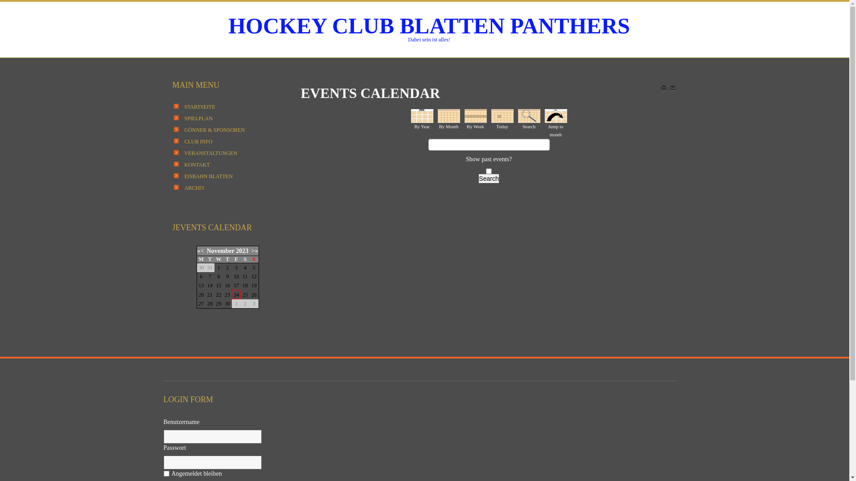 The height and width of the screenshot is (481, 856). What do you see at coordinates (502, 115) in the screenshot?
I see `'Today'` at bounding box center [502, 115].